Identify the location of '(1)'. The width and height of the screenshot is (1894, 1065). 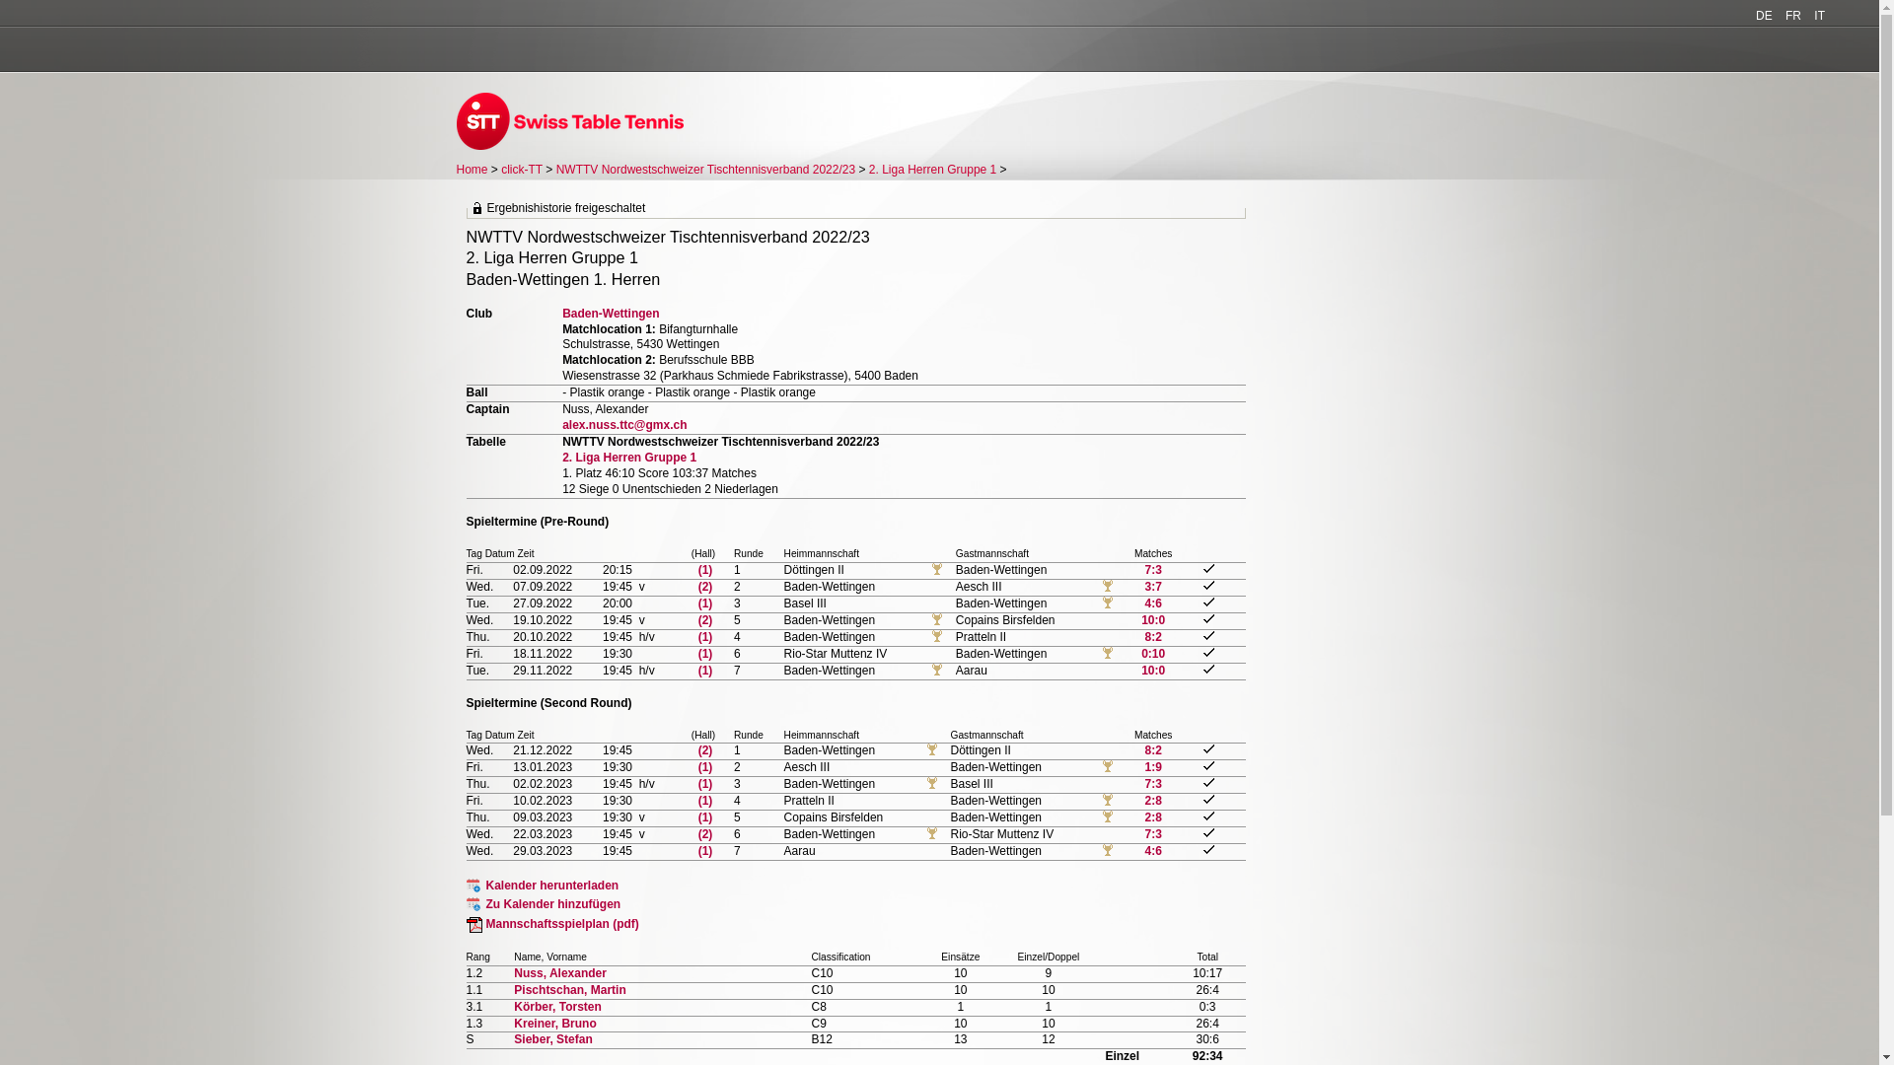
(705, 654).